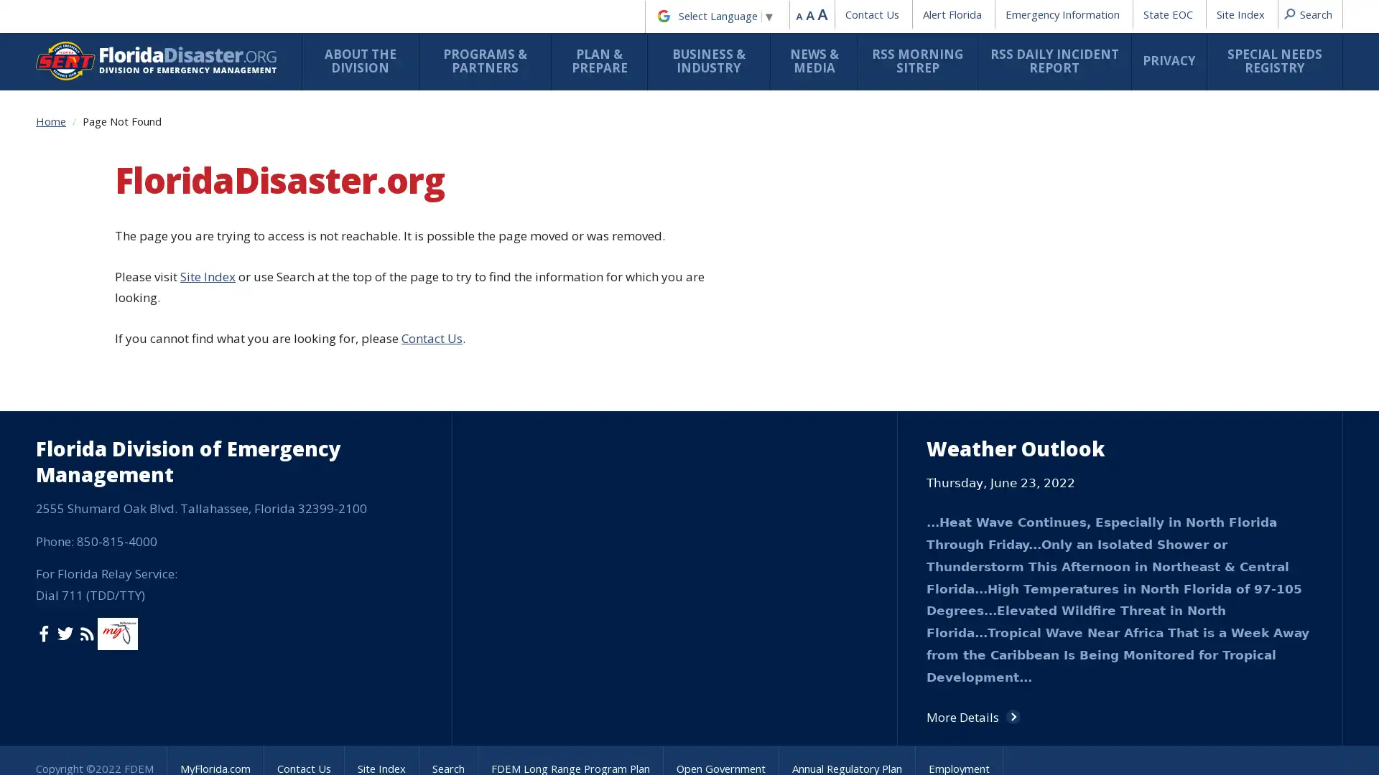 This screenshot has height=775, width=1379. What do you see at coordinates (575, 151) in the screenshot?
I see `Toggle More` at bounding box center [575, 151].